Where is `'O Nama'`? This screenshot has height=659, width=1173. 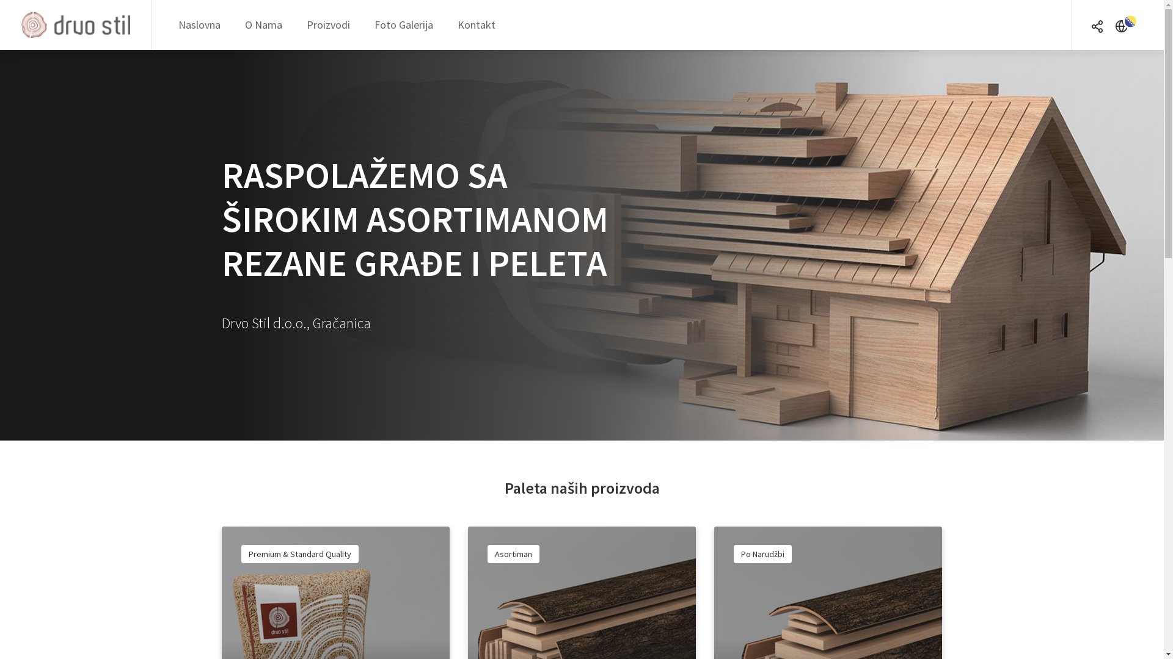
'O Nama' is located at coordinates (263, 24).